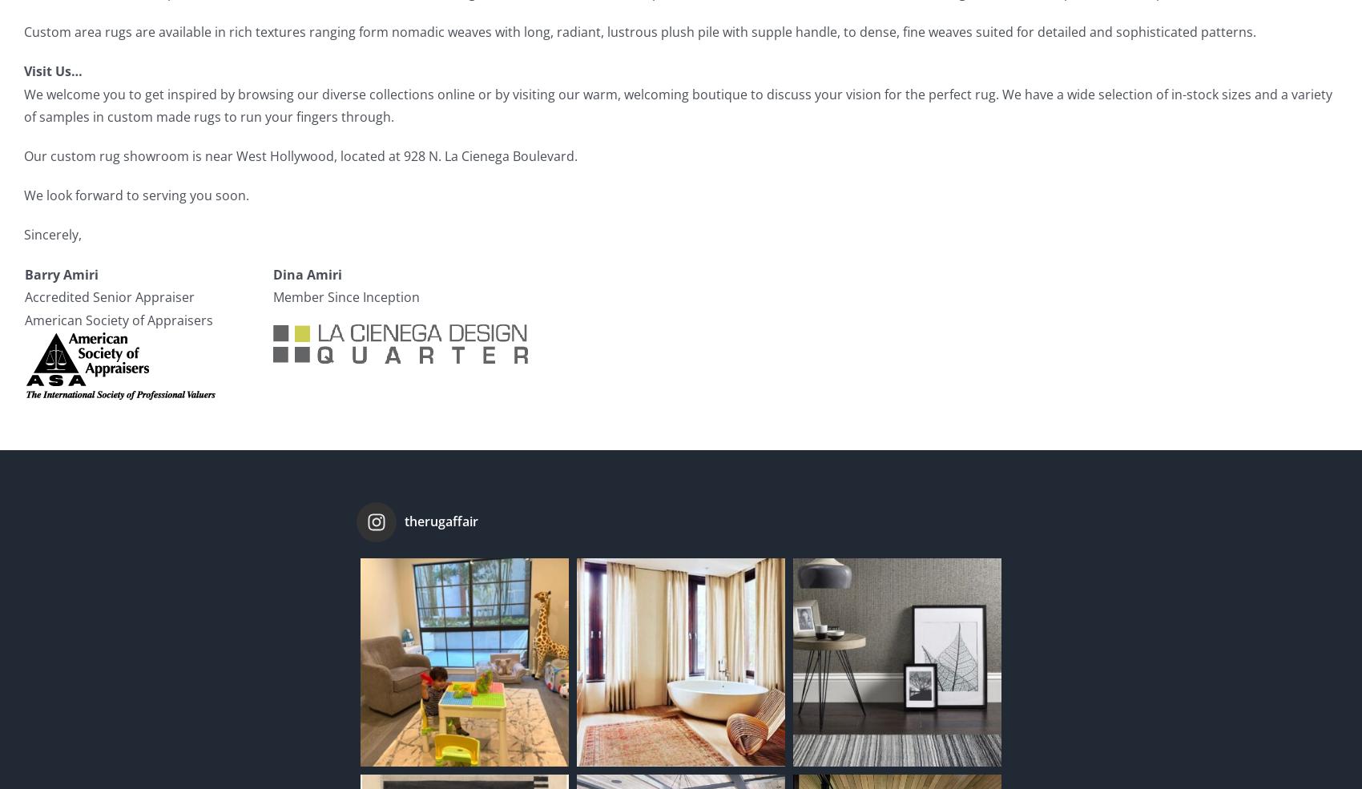 This screenshot has height=789, width=1362. I want to click on 'Our custom rug showroom is near West Hollywood, located at 928 N. La Cienega Boulevard.', so click(300, 156).